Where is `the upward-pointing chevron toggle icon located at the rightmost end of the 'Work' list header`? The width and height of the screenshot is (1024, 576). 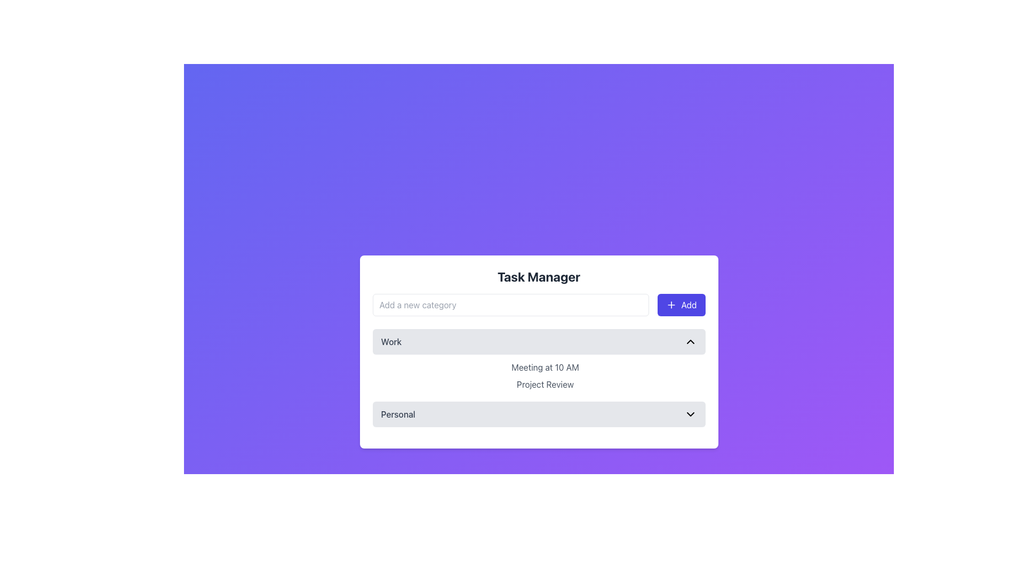
the upward-pointing chevron toggle icon located at the rightmost end of the 'Work' list header is located at coordinates (690, 341).